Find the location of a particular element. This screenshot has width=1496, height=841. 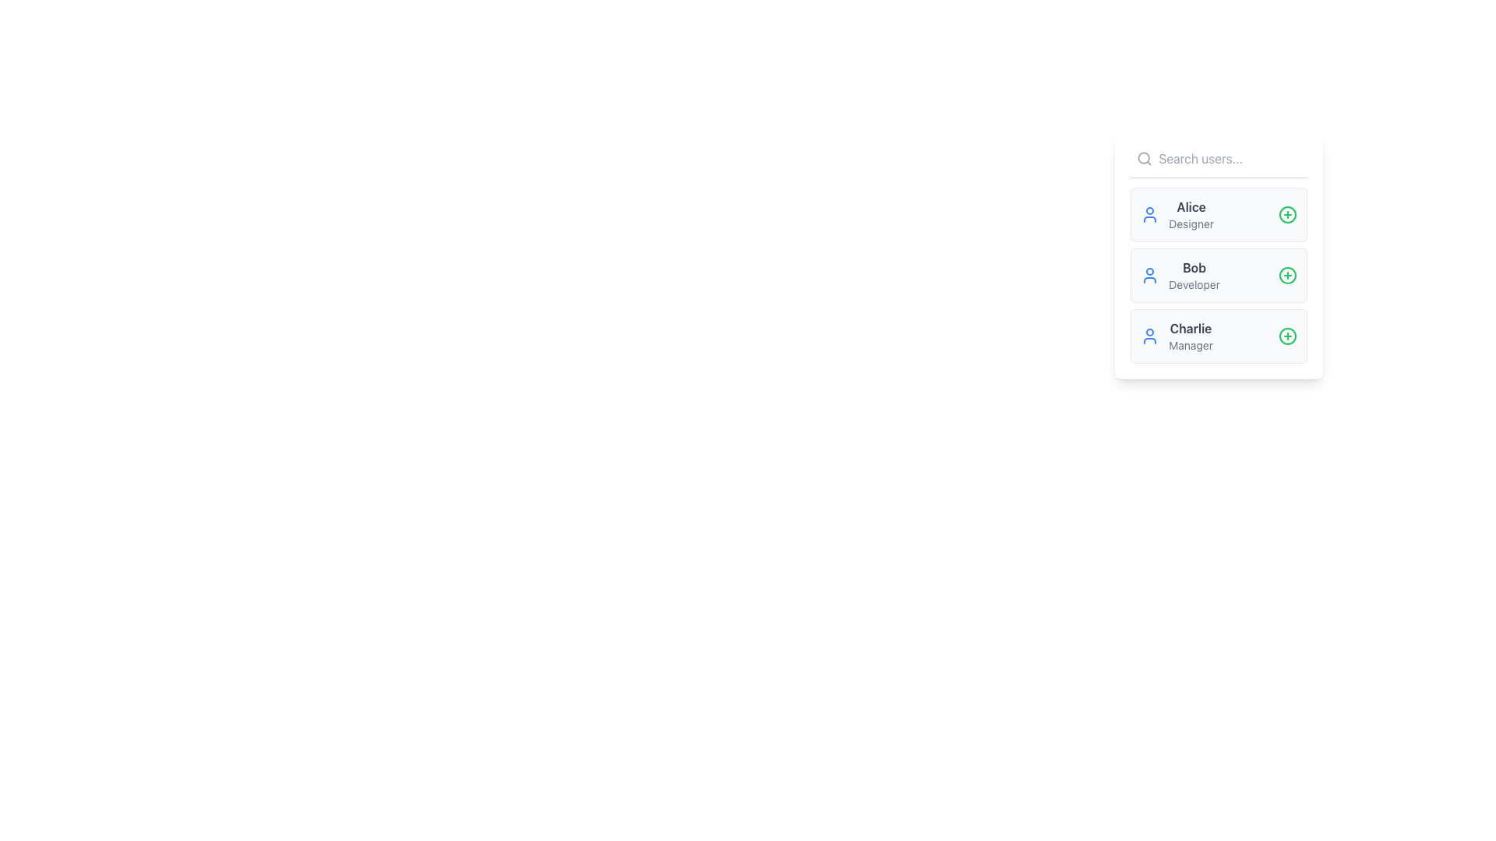

text label displaying 'Alice' in bold and 'Designer' in a smaller font, located in the topmost user entry of the right-hand panel, to the right of the user icon and above the '+' button is located at coordinates (1191, 215).